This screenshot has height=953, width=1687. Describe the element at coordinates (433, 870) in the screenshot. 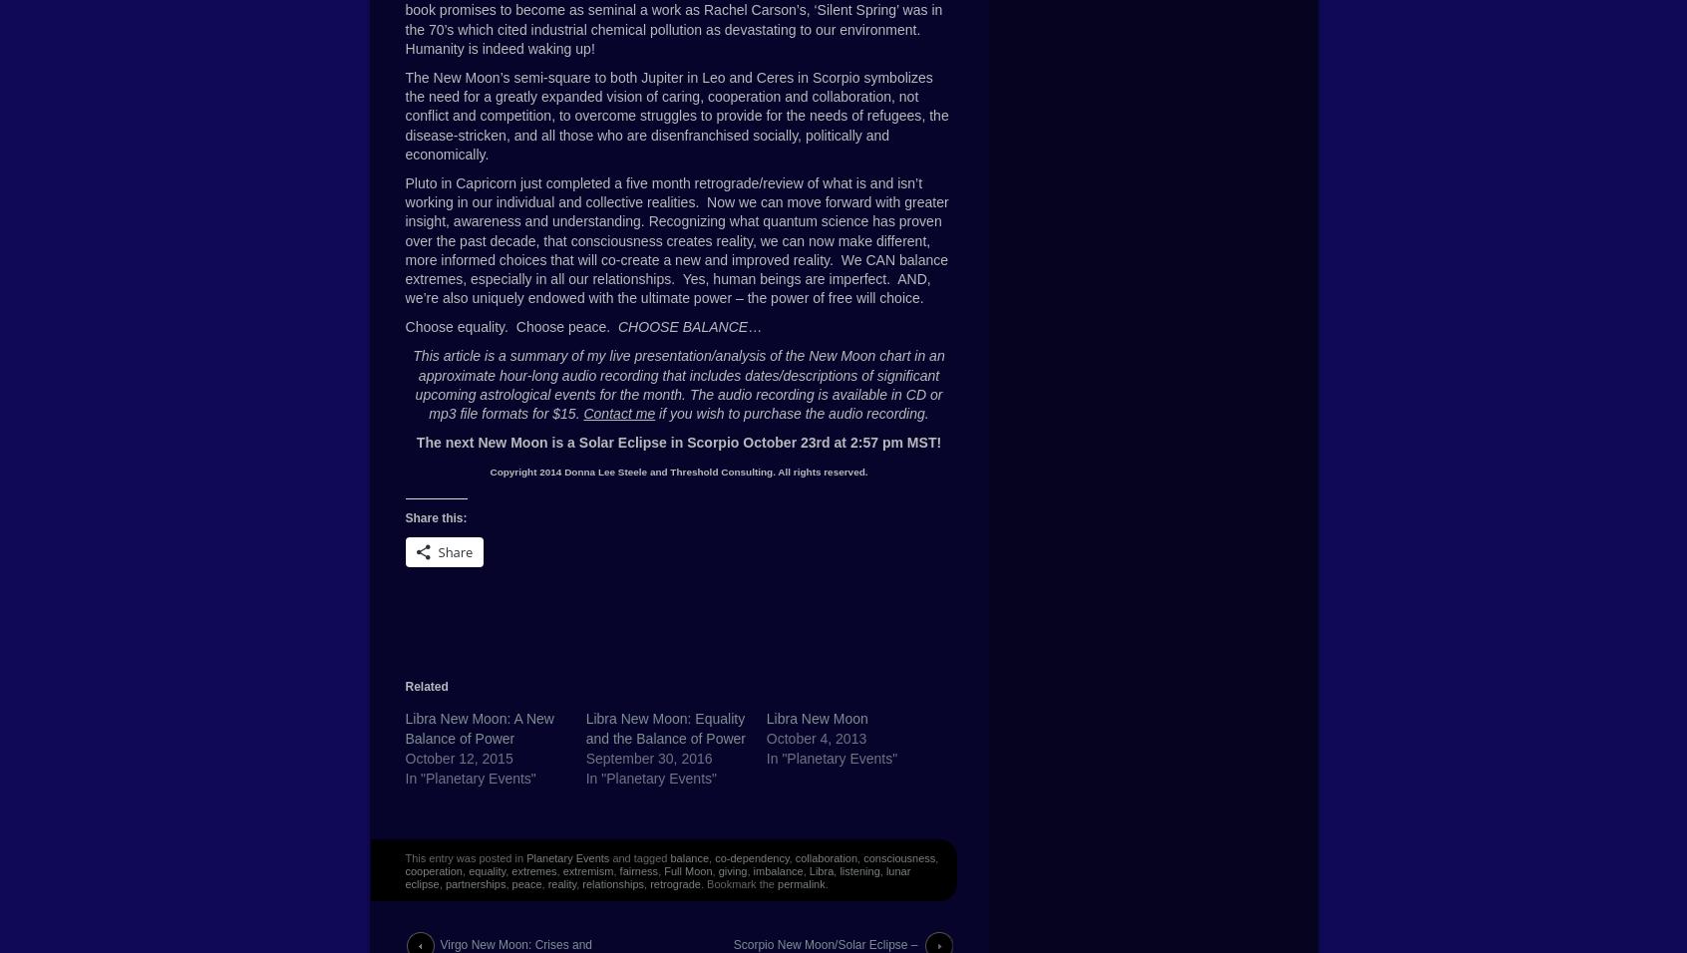

I see `'cooperation'` at that location.